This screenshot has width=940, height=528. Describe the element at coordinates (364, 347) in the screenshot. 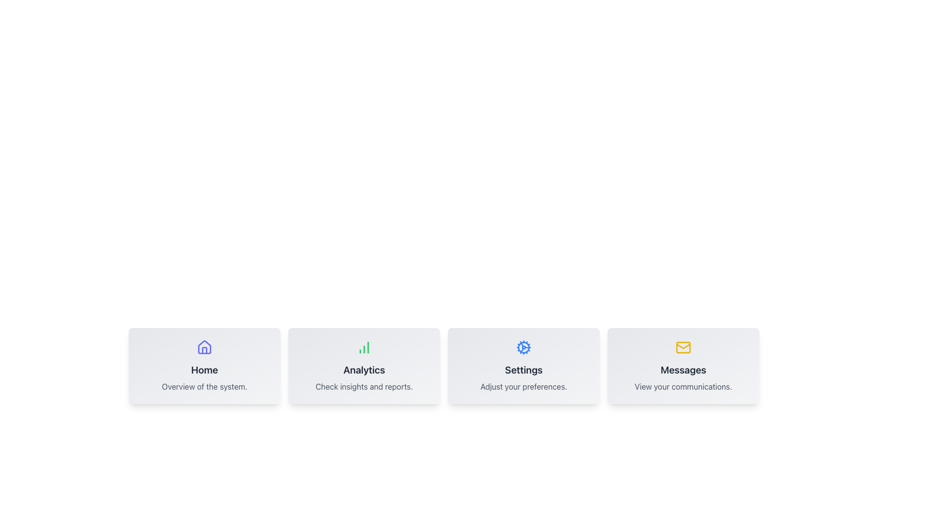

I see `the green column chart icon inside the 'Analytics' card, which is the second card from the left in a row of four cards, located centrally among them` at that location.